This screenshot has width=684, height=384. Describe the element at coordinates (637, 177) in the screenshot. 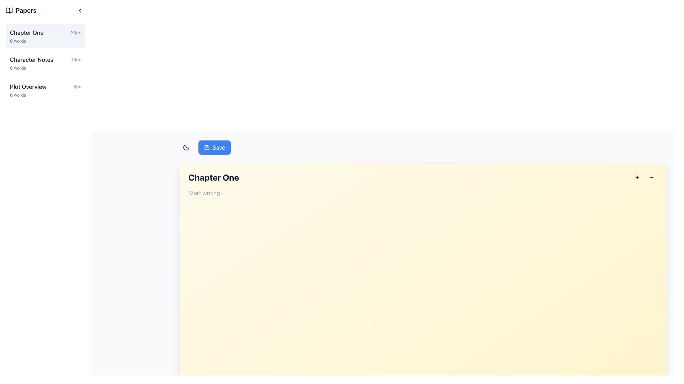

I see `the leftmost action button located in the top-right corner of the yellow content panel` at that location.